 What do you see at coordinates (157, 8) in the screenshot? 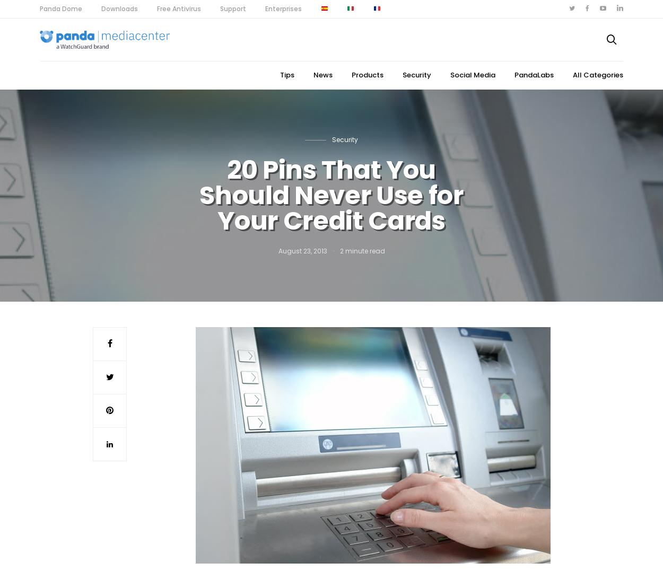
I see `'Free Antivirus'` at bounding box center [157, 8].